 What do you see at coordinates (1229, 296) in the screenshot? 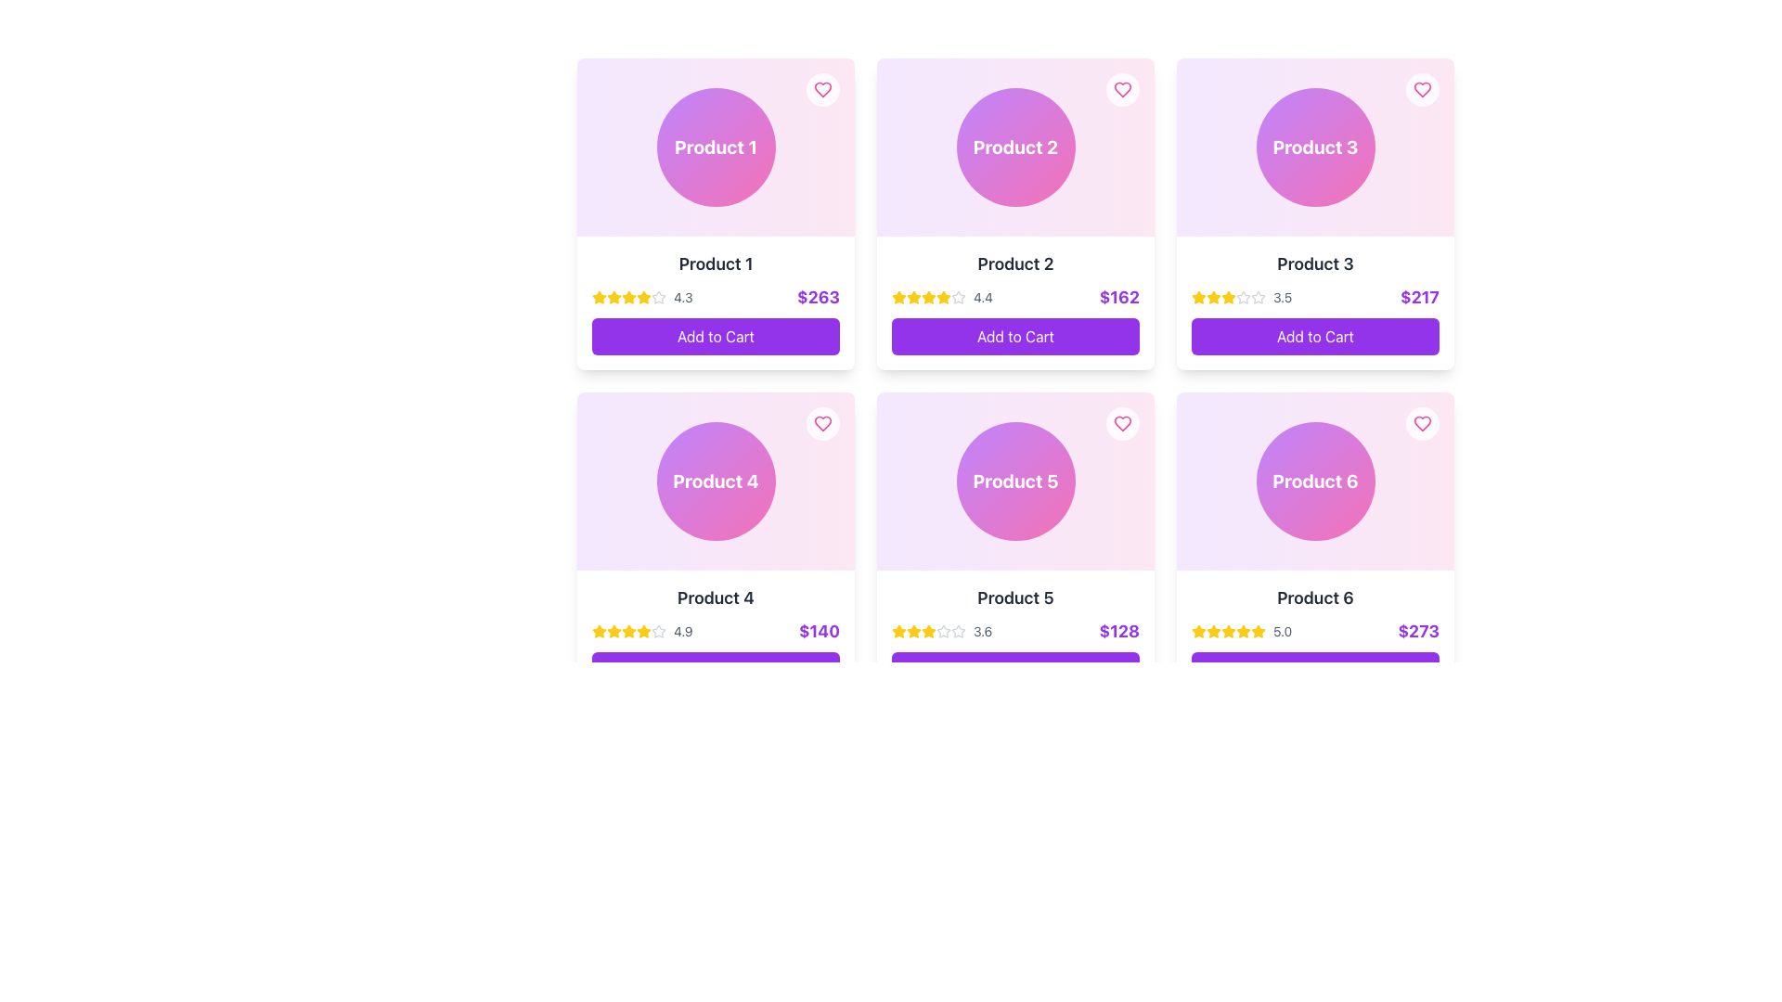
I see `the fourth star icon in the five-star rating display for 'Product 3'` at bounding box center [1229, 296].